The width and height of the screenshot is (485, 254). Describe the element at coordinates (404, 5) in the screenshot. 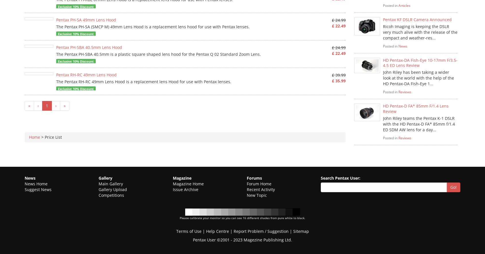

I see `'Articles'` at that location.